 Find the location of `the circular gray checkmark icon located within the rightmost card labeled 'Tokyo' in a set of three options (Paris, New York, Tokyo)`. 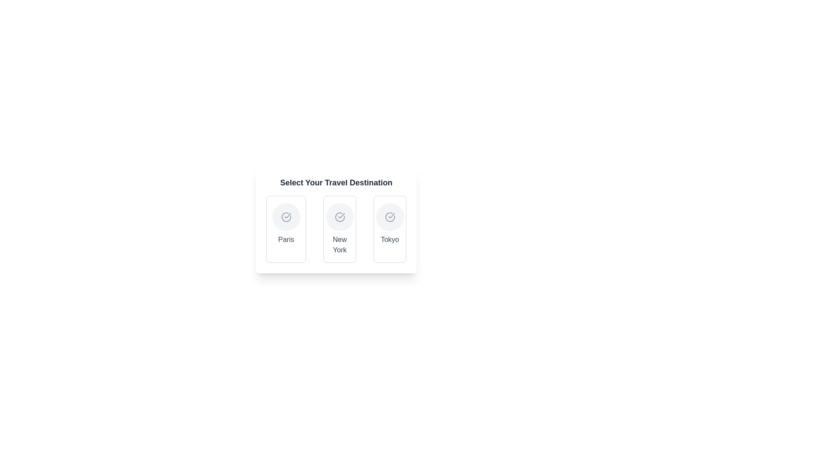

the circular gray checkmark icon located within the rightmost card labeled 'Tokyo' in a set of three options (Paris, New York, Tokyo) is located at coordinates (389, 216).